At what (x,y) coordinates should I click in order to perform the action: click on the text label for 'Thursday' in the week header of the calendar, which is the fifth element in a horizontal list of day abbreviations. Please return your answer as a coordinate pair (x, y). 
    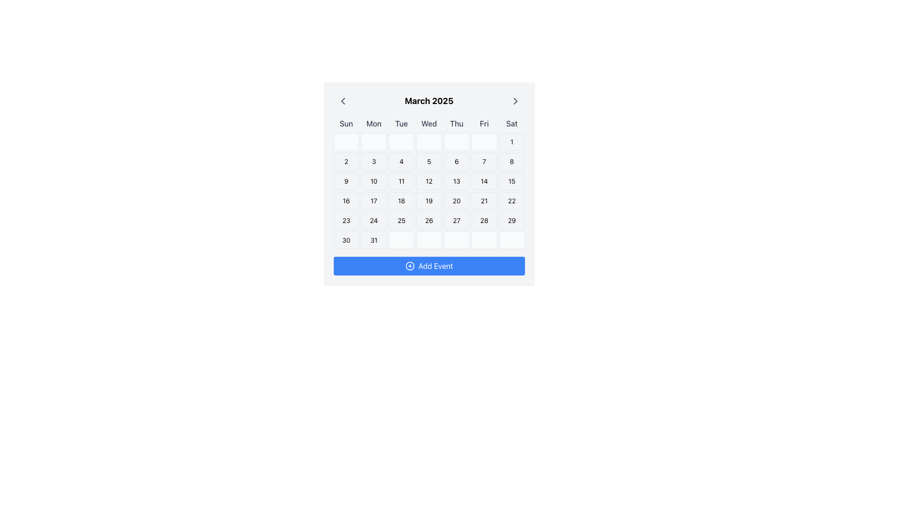
    Looking at the image, I should click on (457, 123).